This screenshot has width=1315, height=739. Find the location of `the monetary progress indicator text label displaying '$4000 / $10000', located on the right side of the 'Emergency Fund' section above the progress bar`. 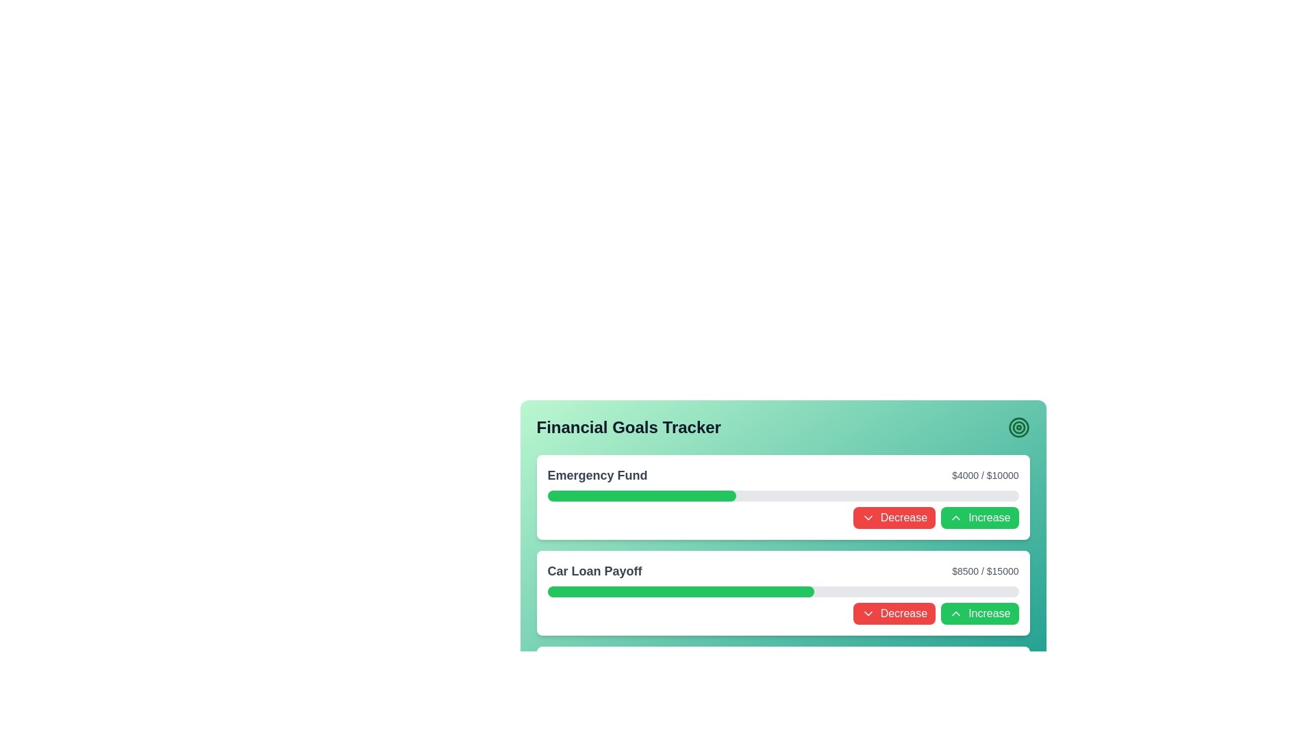

the monetary progress indicator text label displaying '$4000 / $10000', located on the right side of the 'Emergency Fund' section above the progress bar is located at coordinates (984, 474).